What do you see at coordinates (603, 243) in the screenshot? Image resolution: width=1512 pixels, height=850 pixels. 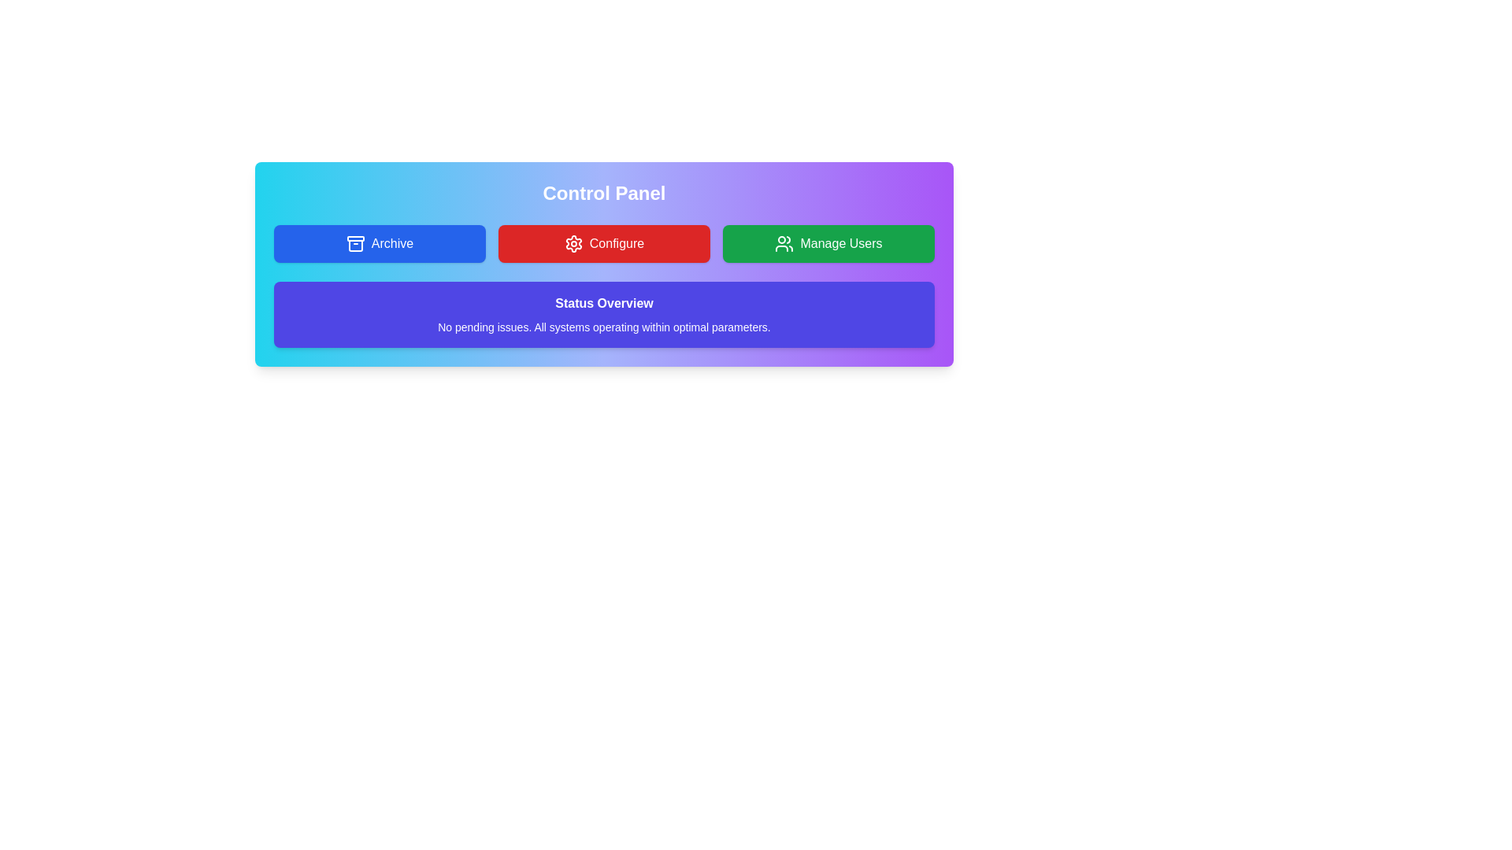 I see `the group of buttons containing 'Archive', 'Configure', and 'Manage Users', which is located below the 'Control Panel' title and above the 'Status Overview' section` at bounding box center [603, 243].